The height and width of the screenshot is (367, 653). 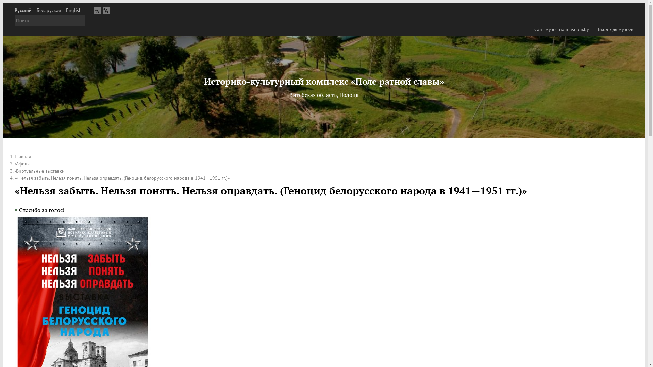 What do you see at coordinates (102, 10) in the screenshot?
I see `'A'` at bounding box center [102, 10].